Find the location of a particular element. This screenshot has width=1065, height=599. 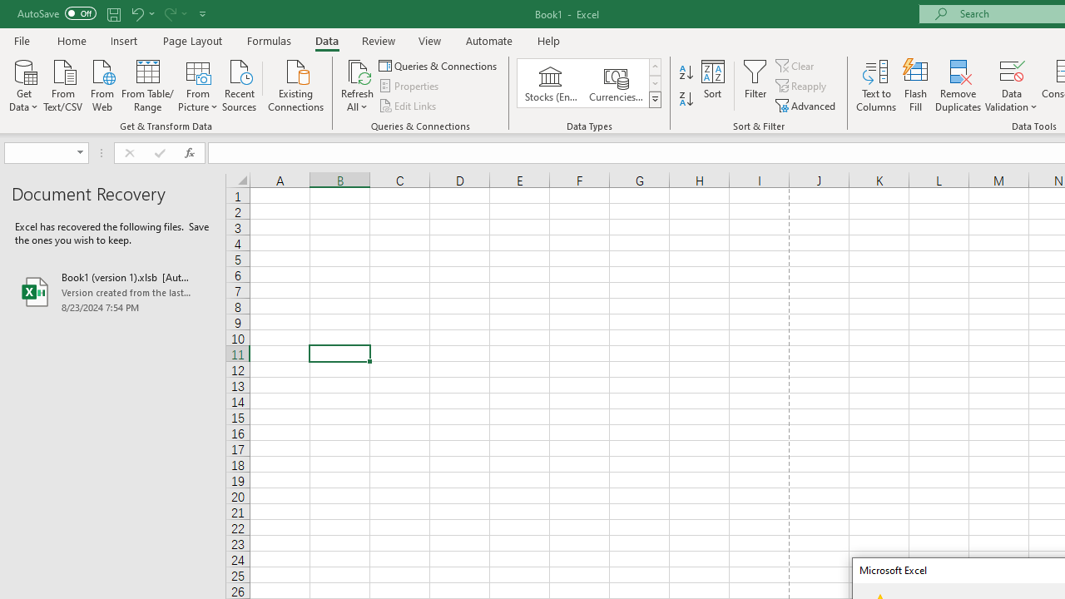

'Queries & Connections' is located at coordinates (439, 65).